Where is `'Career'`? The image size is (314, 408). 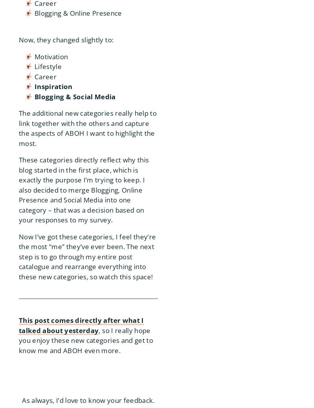 'Career' is located at coordinates (45, 76).